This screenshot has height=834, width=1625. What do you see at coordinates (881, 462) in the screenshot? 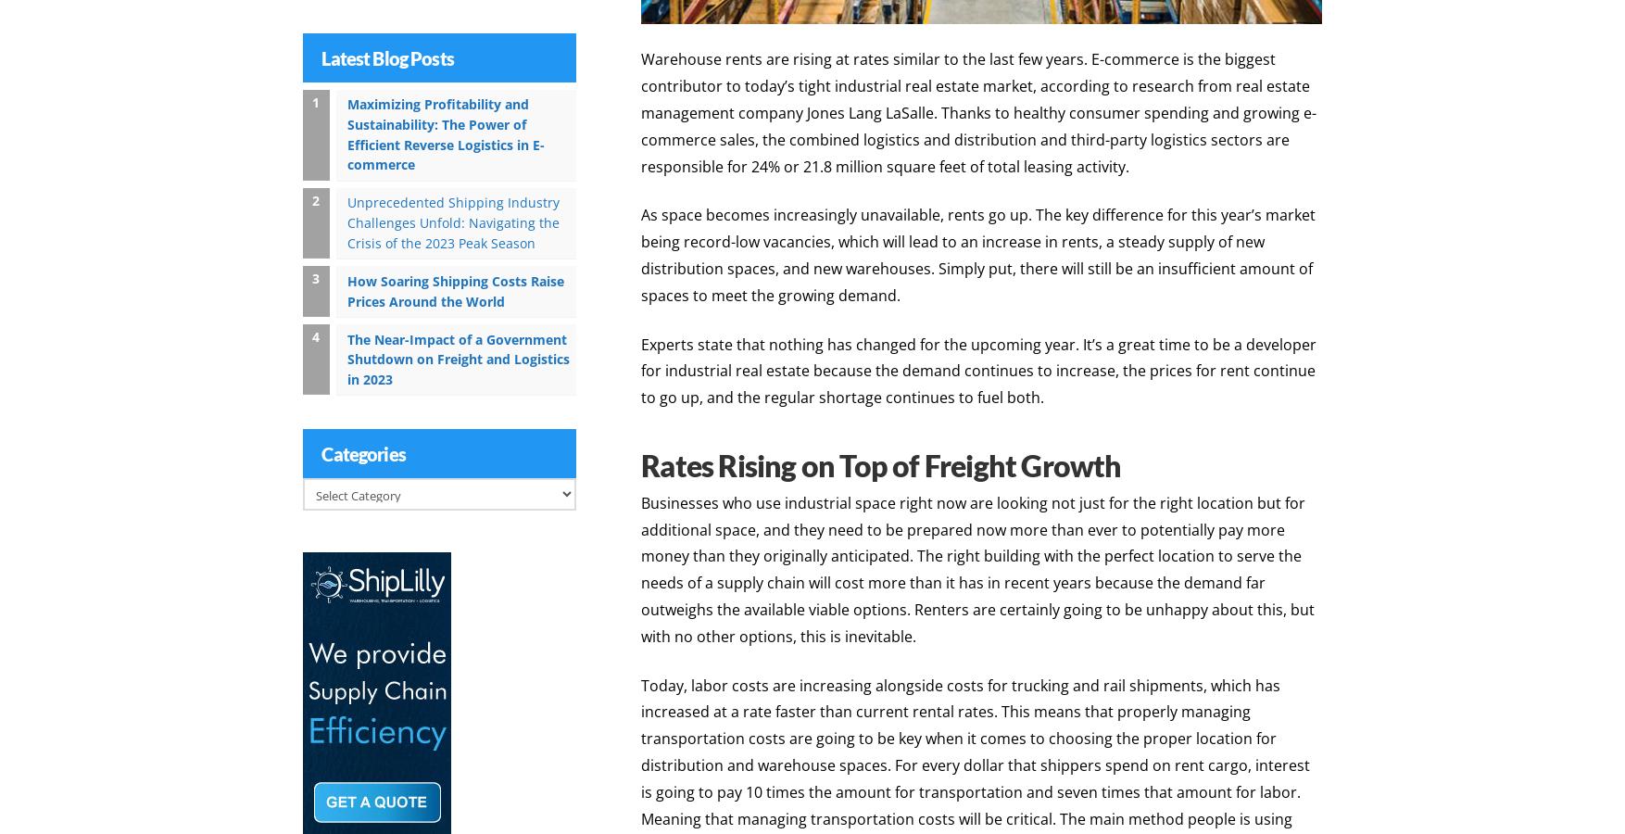
I see `'Rates Rising on Top of Freight Growth'` at bounding box center [881, 462].